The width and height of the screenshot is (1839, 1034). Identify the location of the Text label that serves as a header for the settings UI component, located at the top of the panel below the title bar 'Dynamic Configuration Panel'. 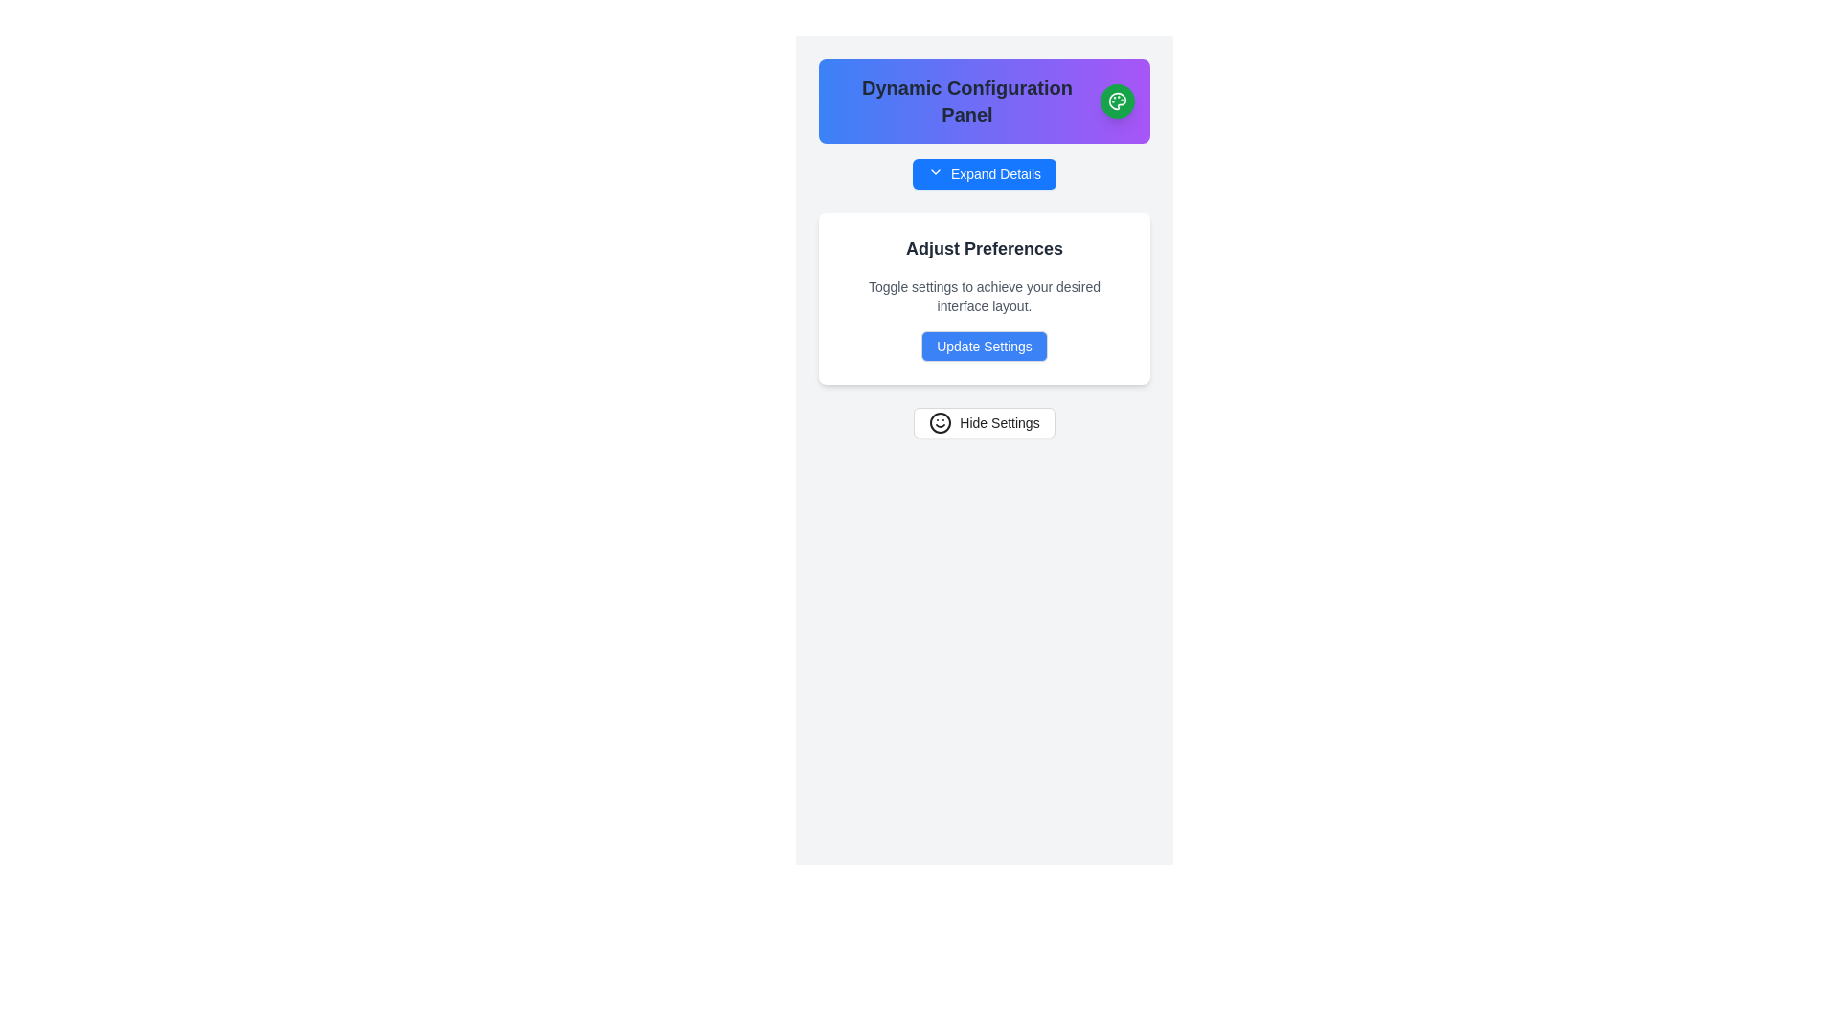
(984, 247).